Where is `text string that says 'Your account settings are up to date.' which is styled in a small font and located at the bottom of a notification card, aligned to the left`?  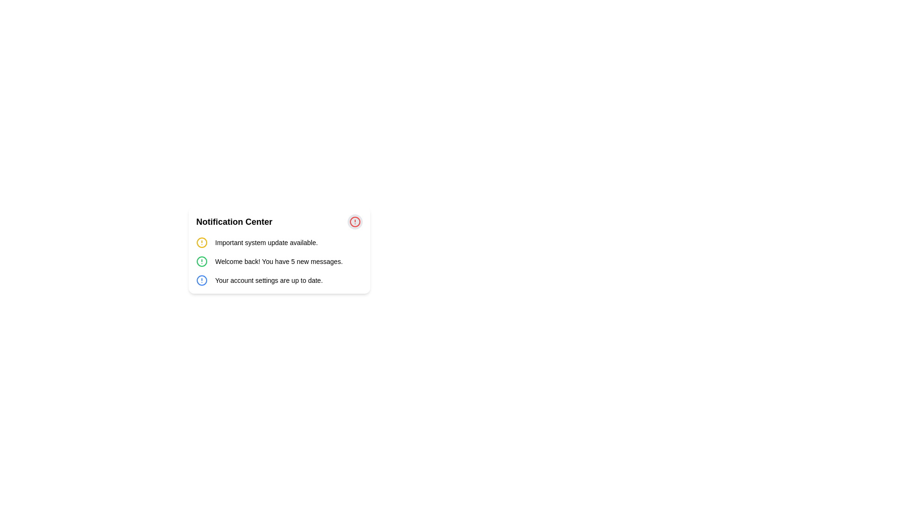 text string that says 'Your account settings are up to date.' which is styled in a small font and located at the bottom of a notification card, aligned to the left is located at coordinates (268, 280).